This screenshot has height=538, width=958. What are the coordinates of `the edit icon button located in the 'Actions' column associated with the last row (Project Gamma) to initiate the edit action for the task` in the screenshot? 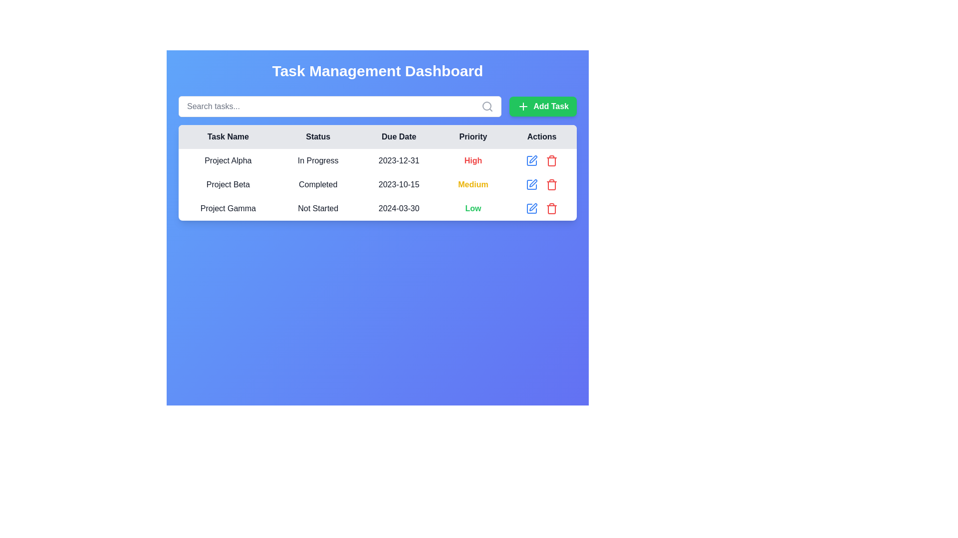 It's located at (531, 208).